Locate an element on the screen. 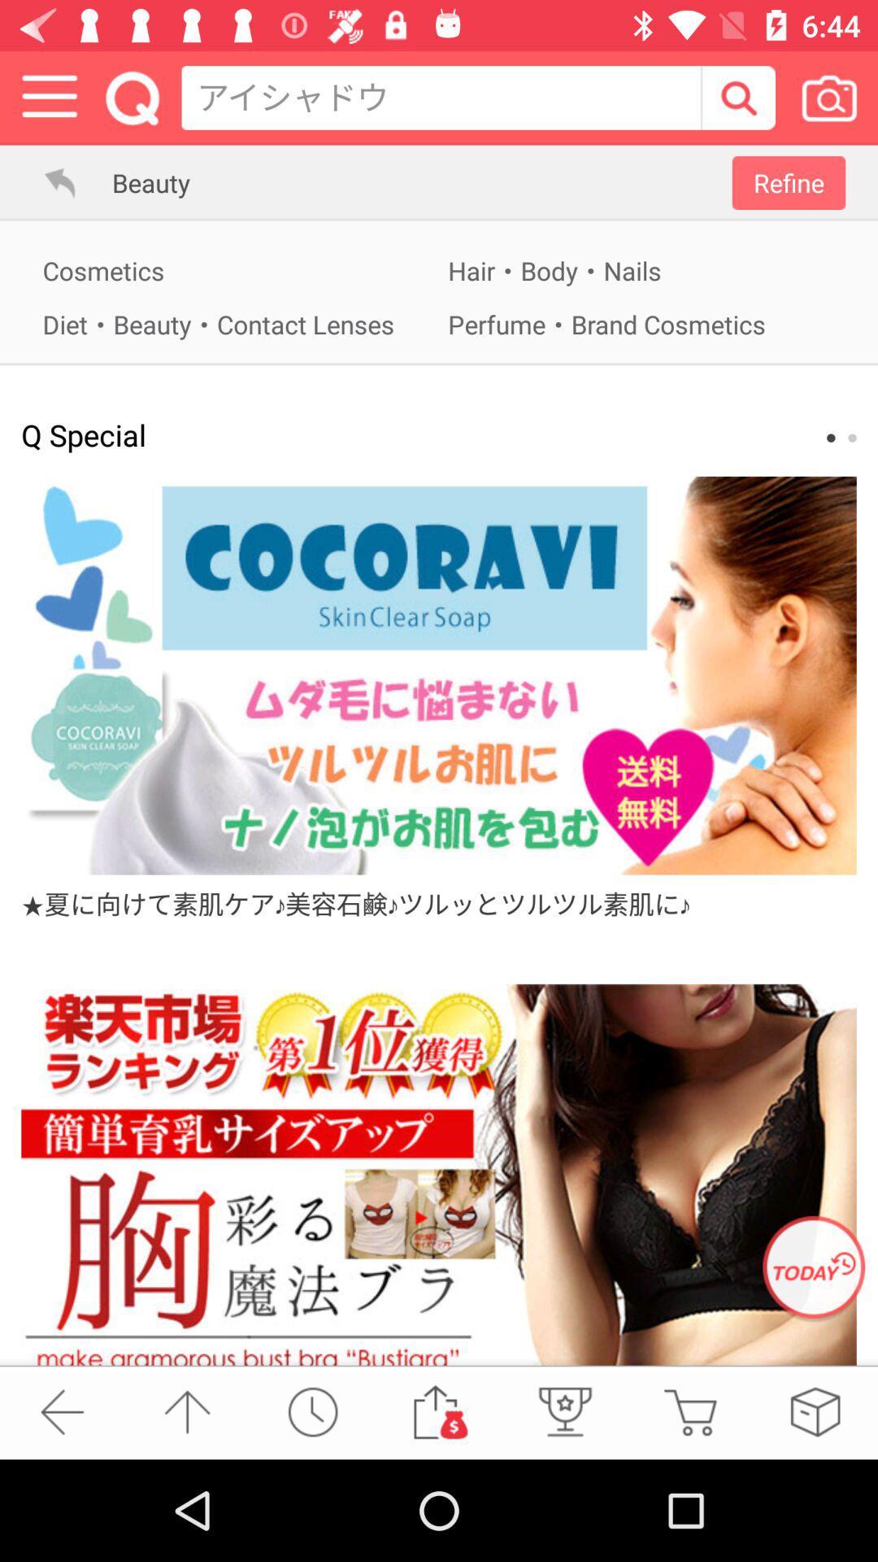  article is located at coordinates (439, 675).